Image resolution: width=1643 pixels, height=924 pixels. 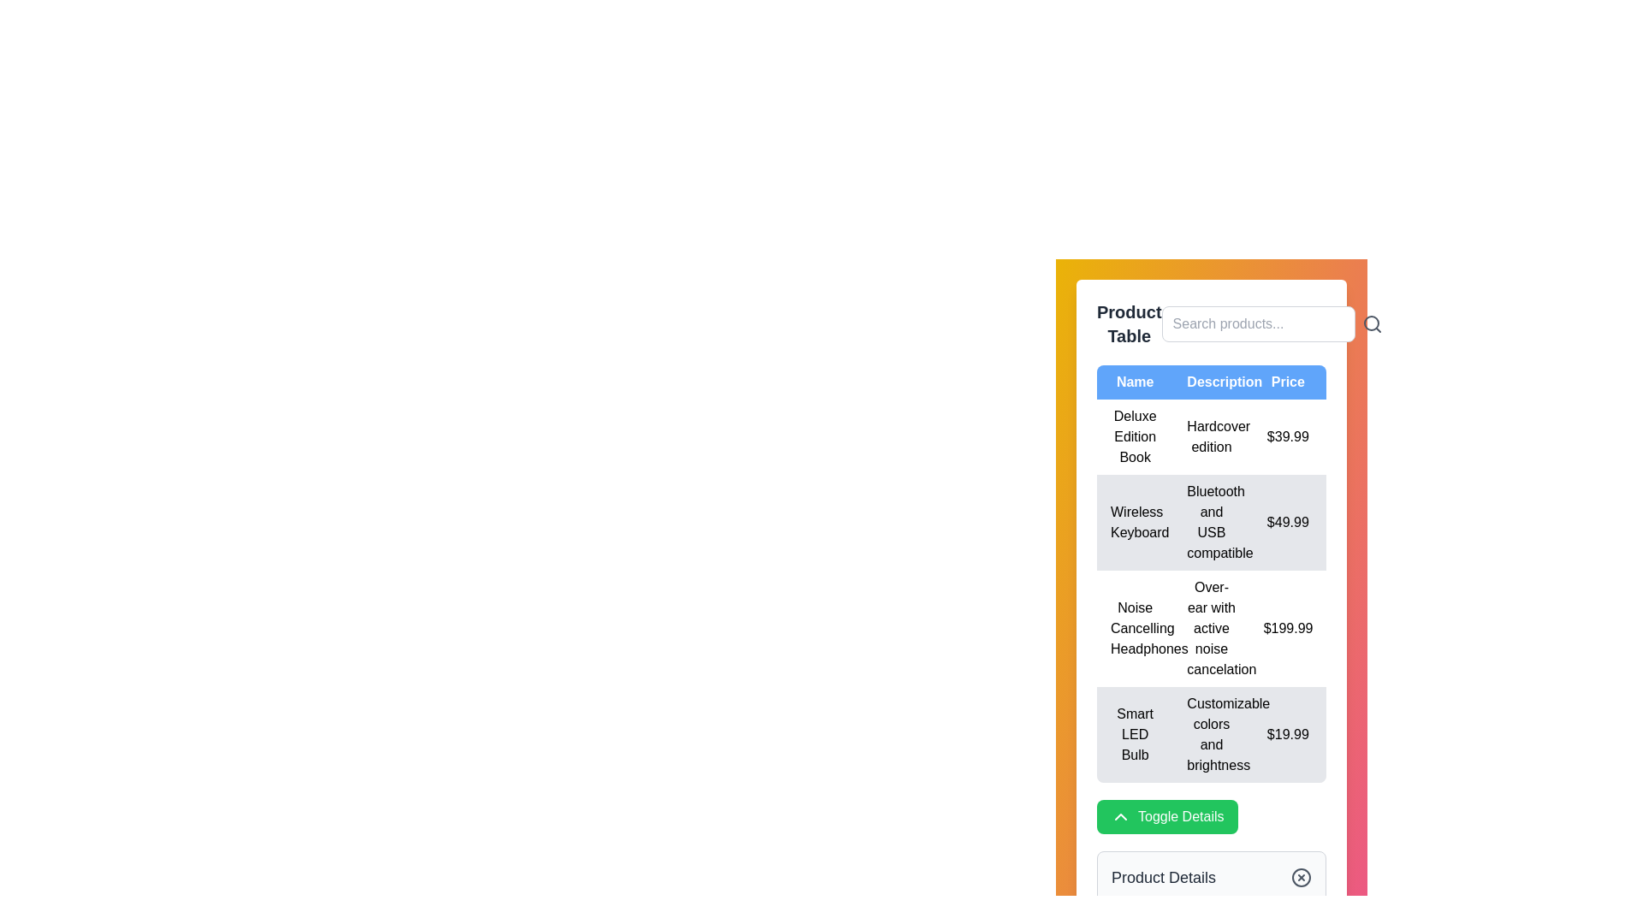 What do you see at coordinates (1288, 435) in the screenshot?
I see `text '$39.99' displayed in black font in the 'Price' column of the table, which aligns with 'Hardcover edition' in the 'Description' column and 'Deluxe Edition Book' in the 'Name' column` at bounding box center [1288, 435].